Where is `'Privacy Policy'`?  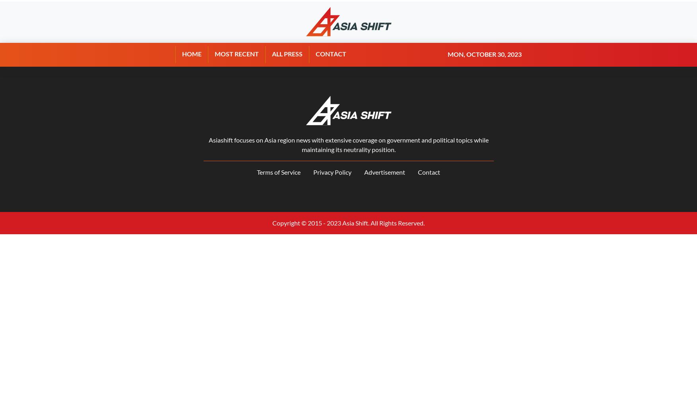
'Privacy Policy' is located at coordinates (332, 172).